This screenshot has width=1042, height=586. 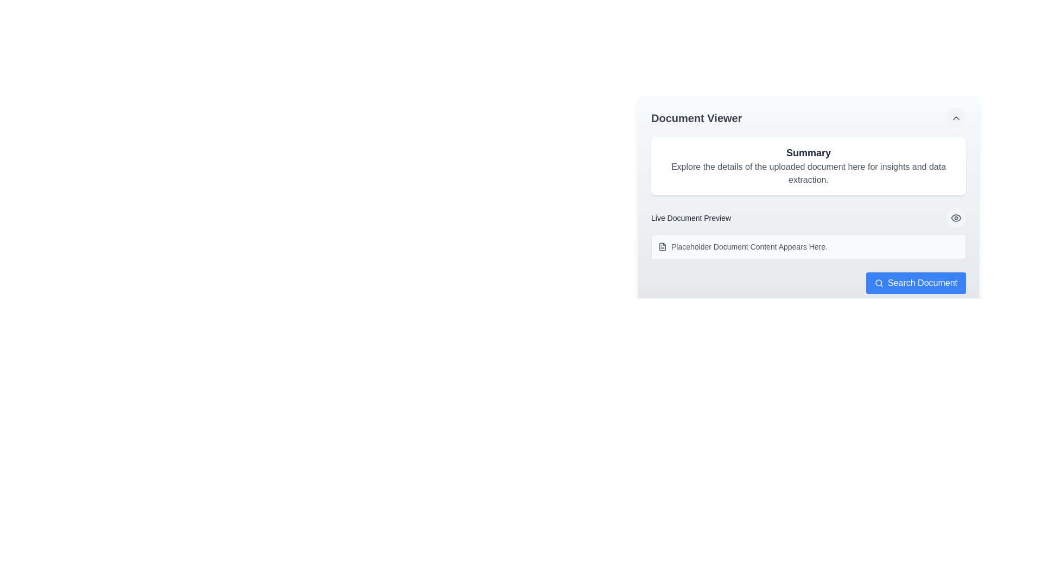 What do you see at coordinates (662, 247) in the screenshot?
I see `the document icon styled as a file with a folded corner located in the 'Live Document Preview' section` at bounding box center [662, 247].